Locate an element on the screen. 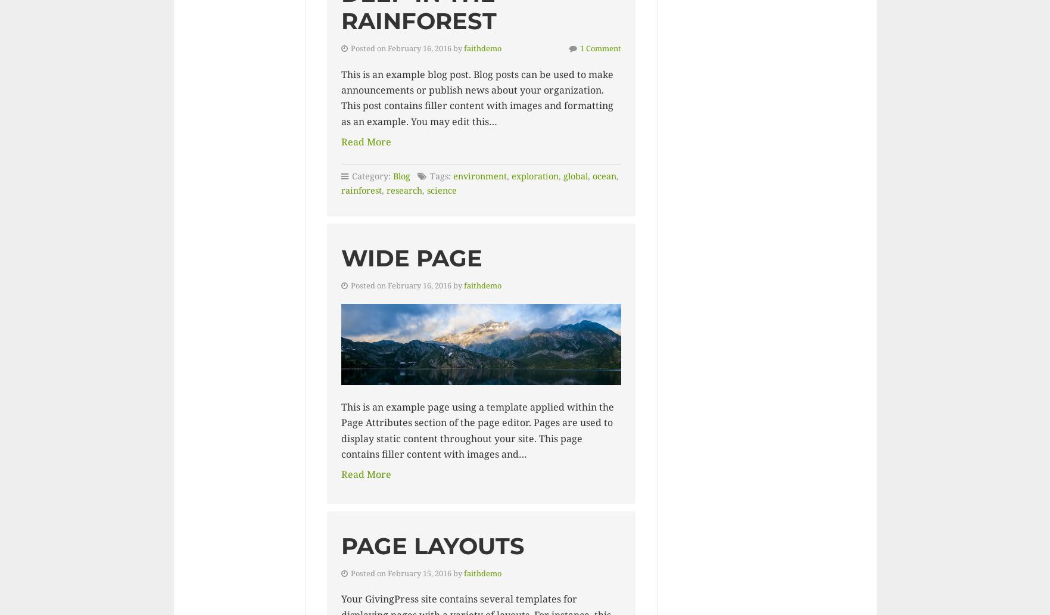  'Tags:' is located at coordinates (440, 176).